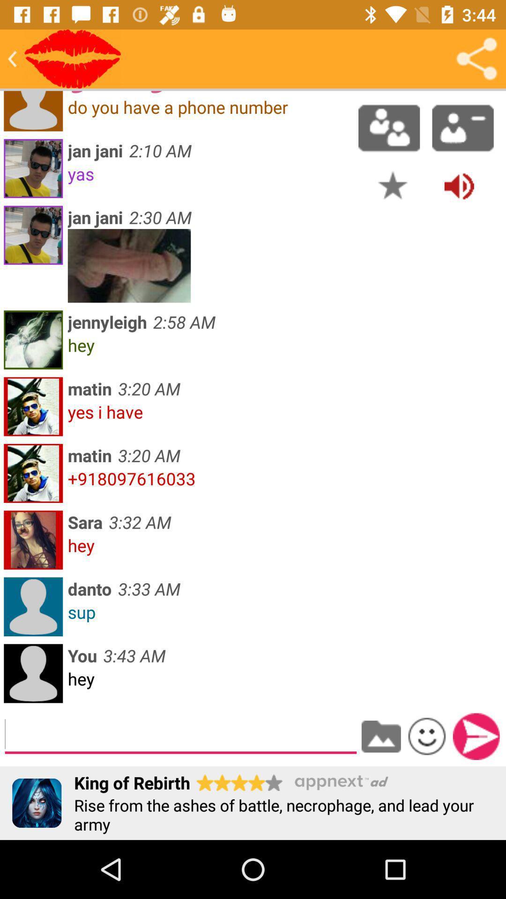 The width and height of the screenshot is (506, 899). I want to click on here, so click(72, 58).